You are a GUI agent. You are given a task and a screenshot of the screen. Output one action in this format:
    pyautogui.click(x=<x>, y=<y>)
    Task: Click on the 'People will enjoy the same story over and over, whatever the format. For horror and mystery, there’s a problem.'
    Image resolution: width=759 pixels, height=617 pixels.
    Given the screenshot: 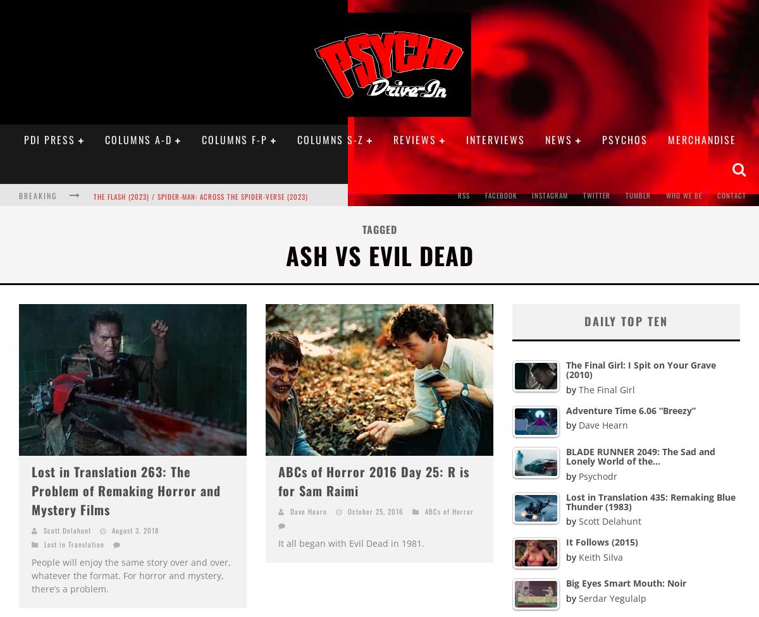 What is the action you would take?
    pyautogui.click(x=130, y=575)
    